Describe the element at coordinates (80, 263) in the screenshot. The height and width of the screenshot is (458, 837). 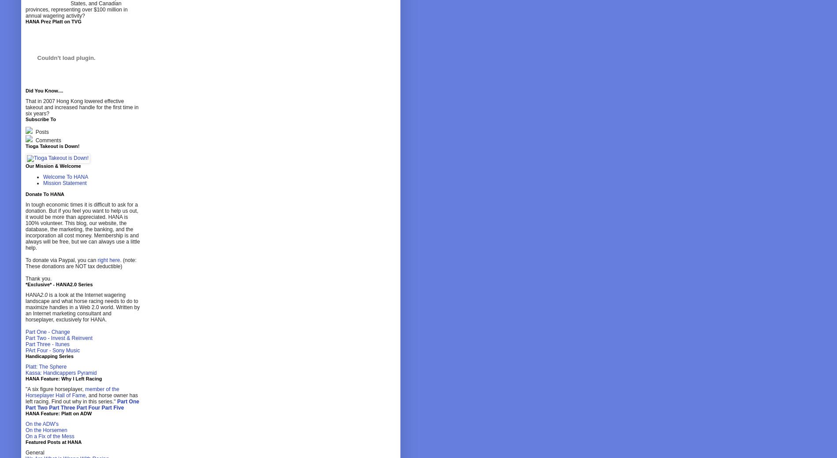
I see `'(note: These donations are NOT tax deductible)'` at that location.